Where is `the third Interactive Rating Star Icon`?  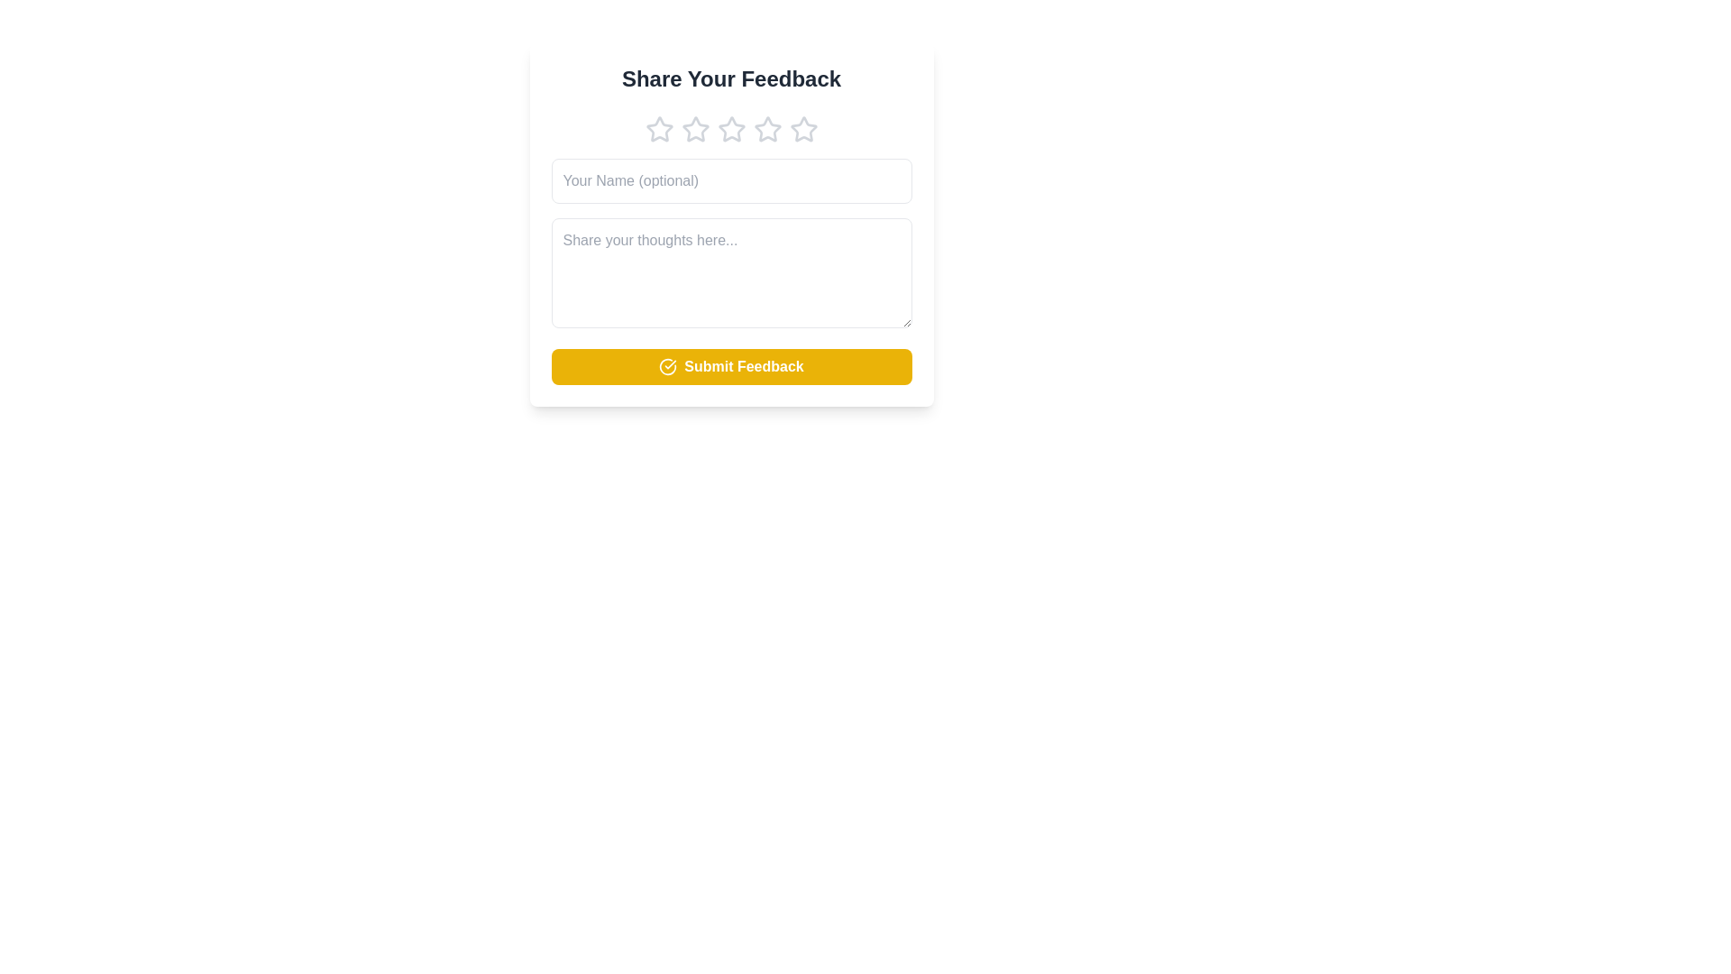
the third Interactive Rating Star Icon is located at coordinates (731, 128).